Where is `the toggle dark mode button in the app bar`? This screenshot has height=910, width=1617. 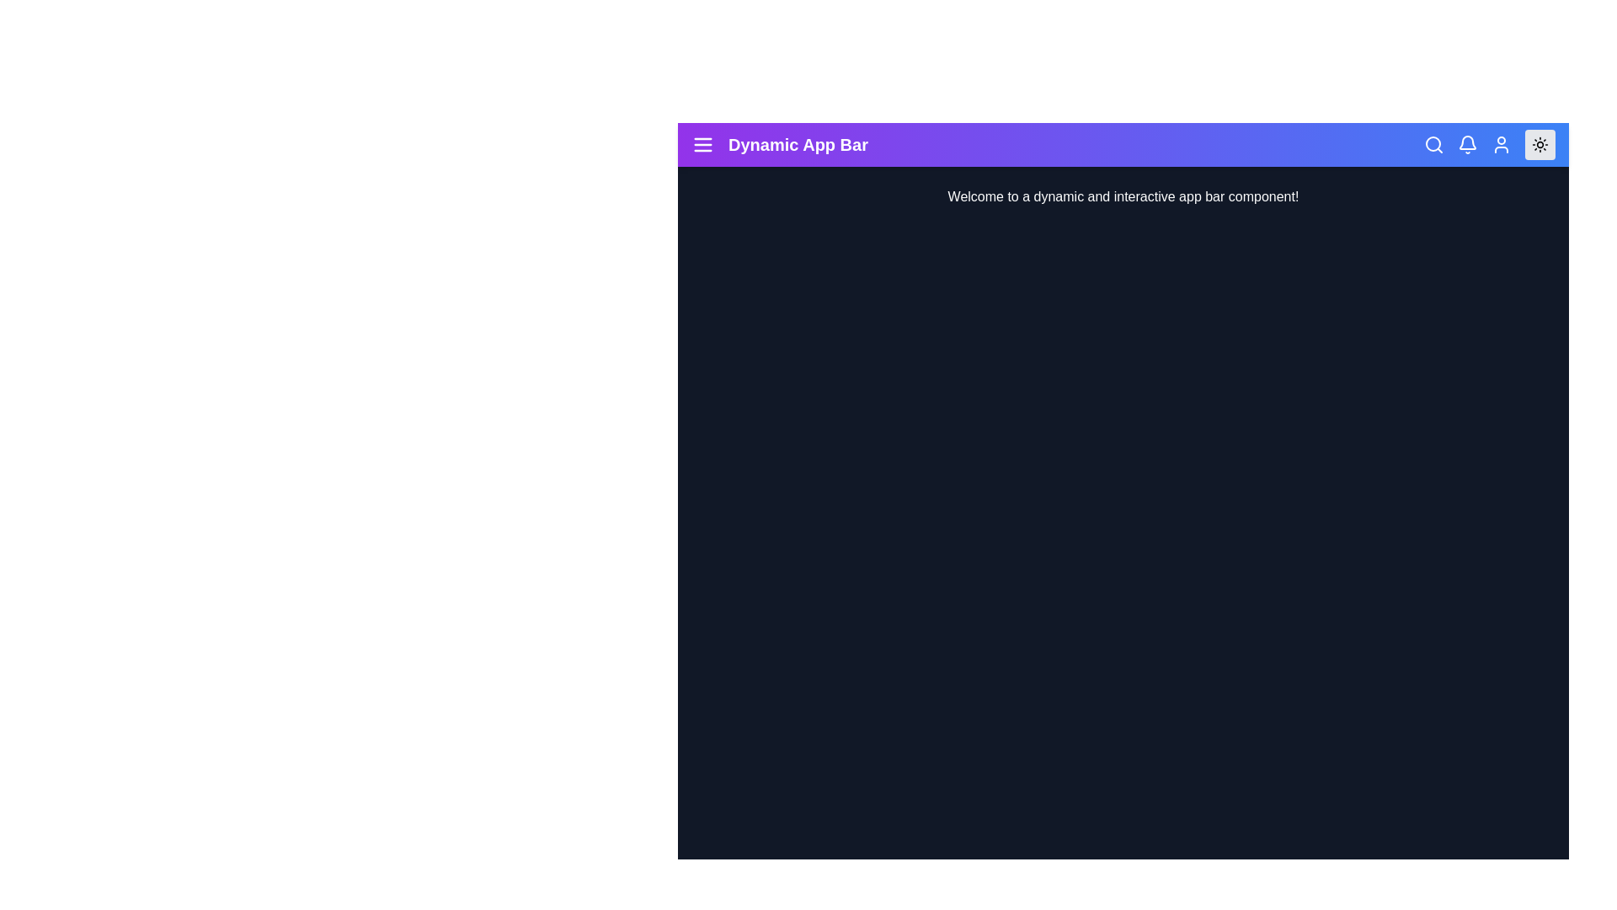 the toggle dark mode button in the app bar is located at coordinates (1540, 144).